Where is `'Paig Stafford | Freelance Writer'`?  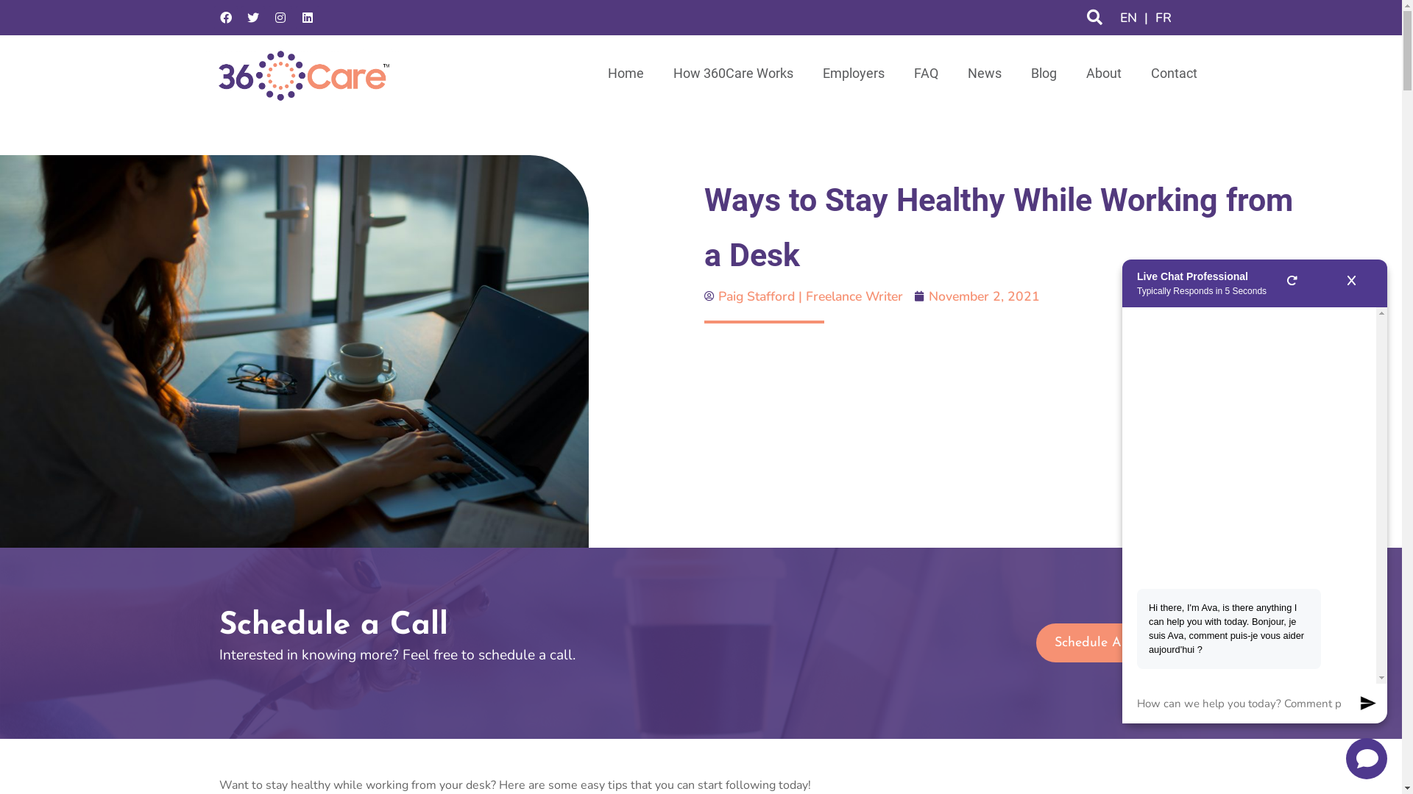
'Paig Stafford | Freelance Writer' is located at coordinates (802, 296).